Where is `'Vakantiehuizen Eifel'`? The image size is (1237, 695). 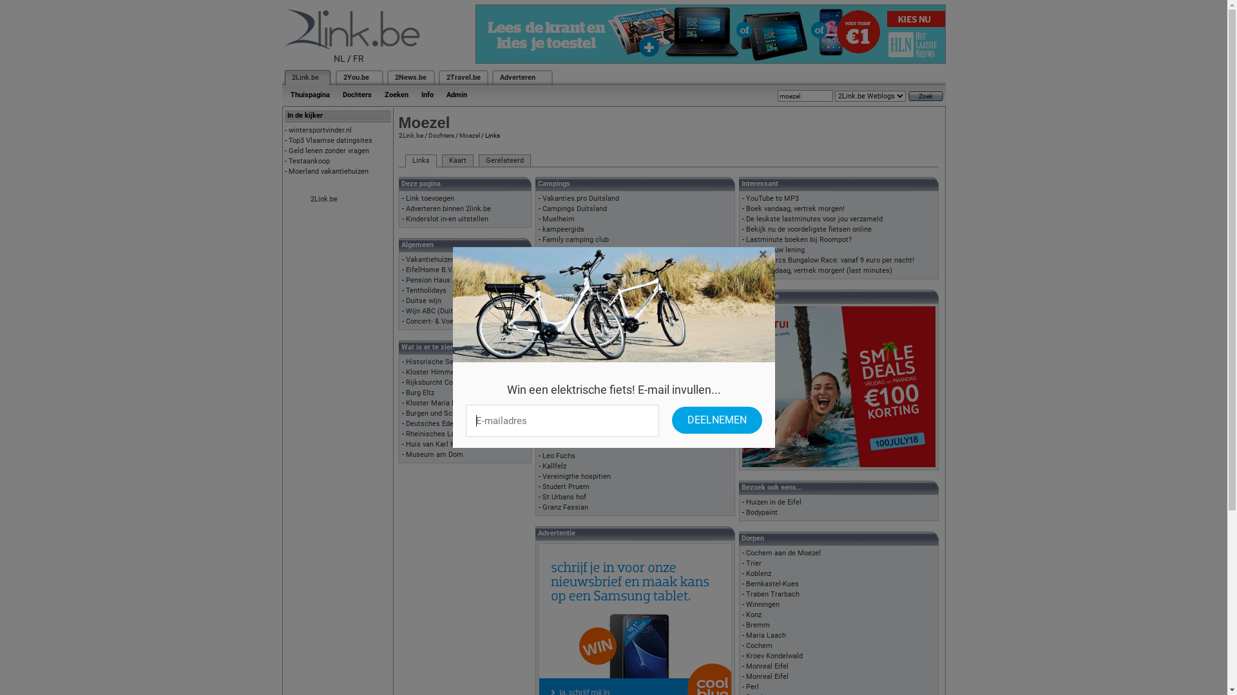 'Vakantiehuizen Eifel' is located at coordinates (438, 259).